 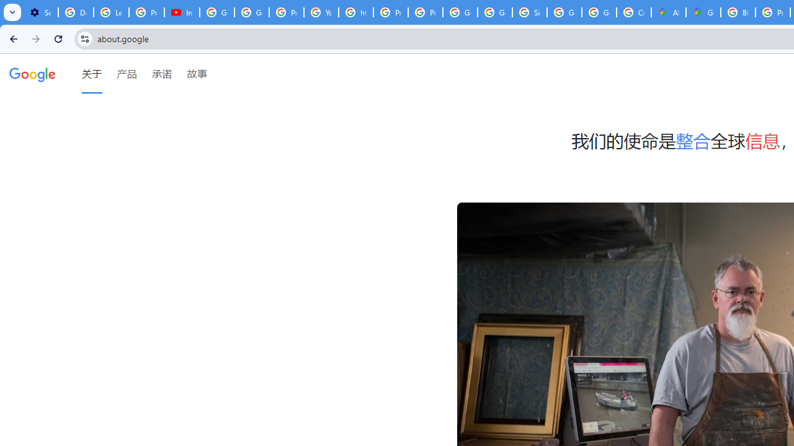 I want to click on 'Privacy Help Center - Policies Help', so click(x=390, y=12).